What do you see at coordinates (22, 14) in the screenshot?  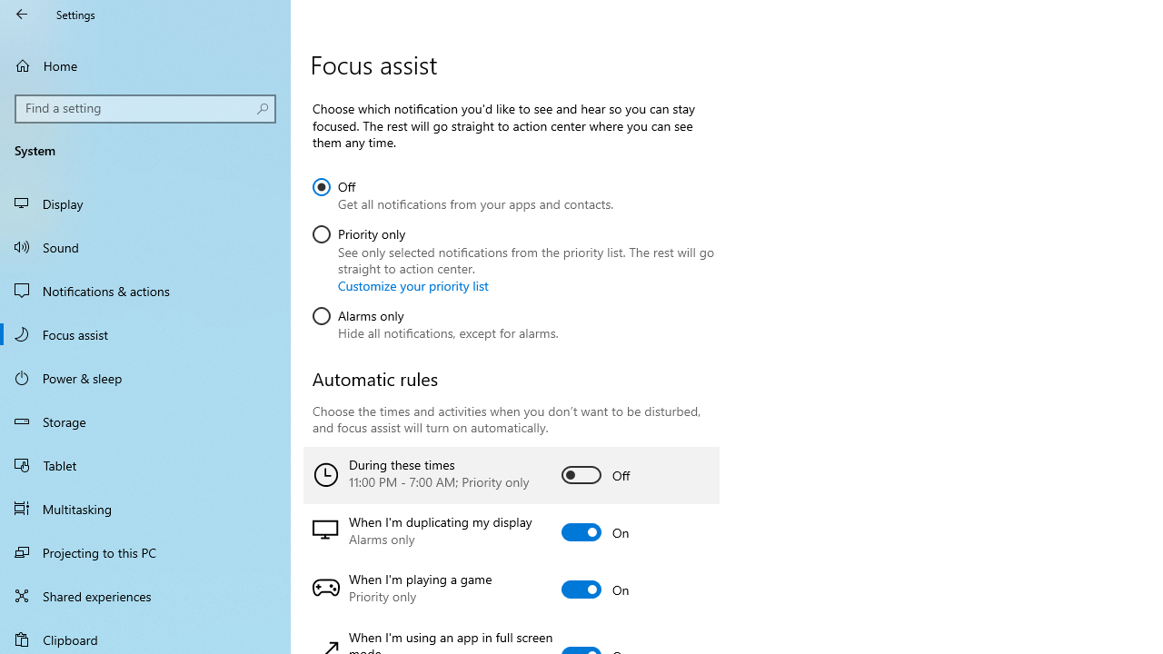 I see `'Back'` at bounding box center [22, 14].